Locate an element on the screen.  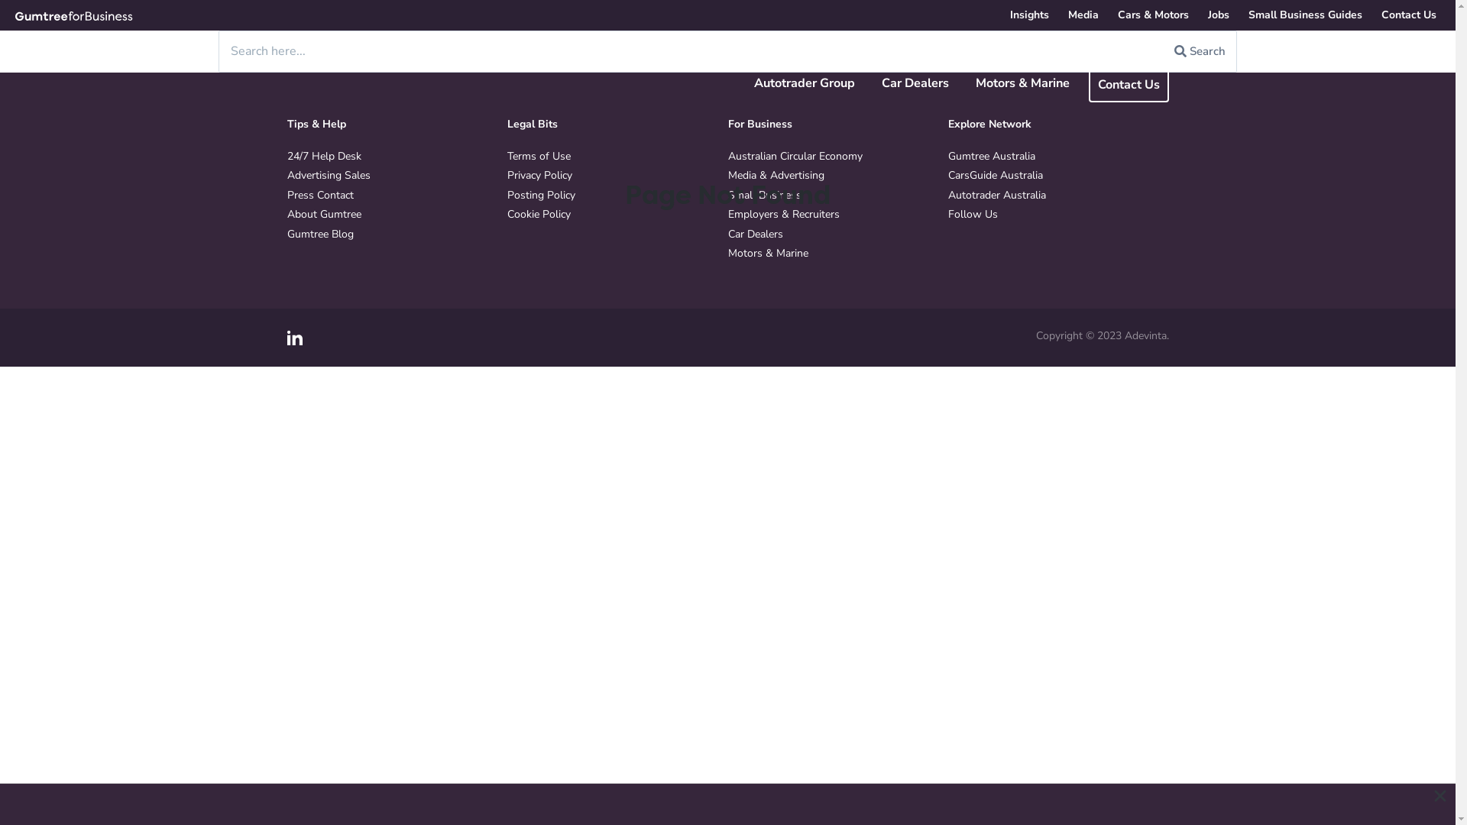
'Follow Us' is located at coordinates (972, 214).